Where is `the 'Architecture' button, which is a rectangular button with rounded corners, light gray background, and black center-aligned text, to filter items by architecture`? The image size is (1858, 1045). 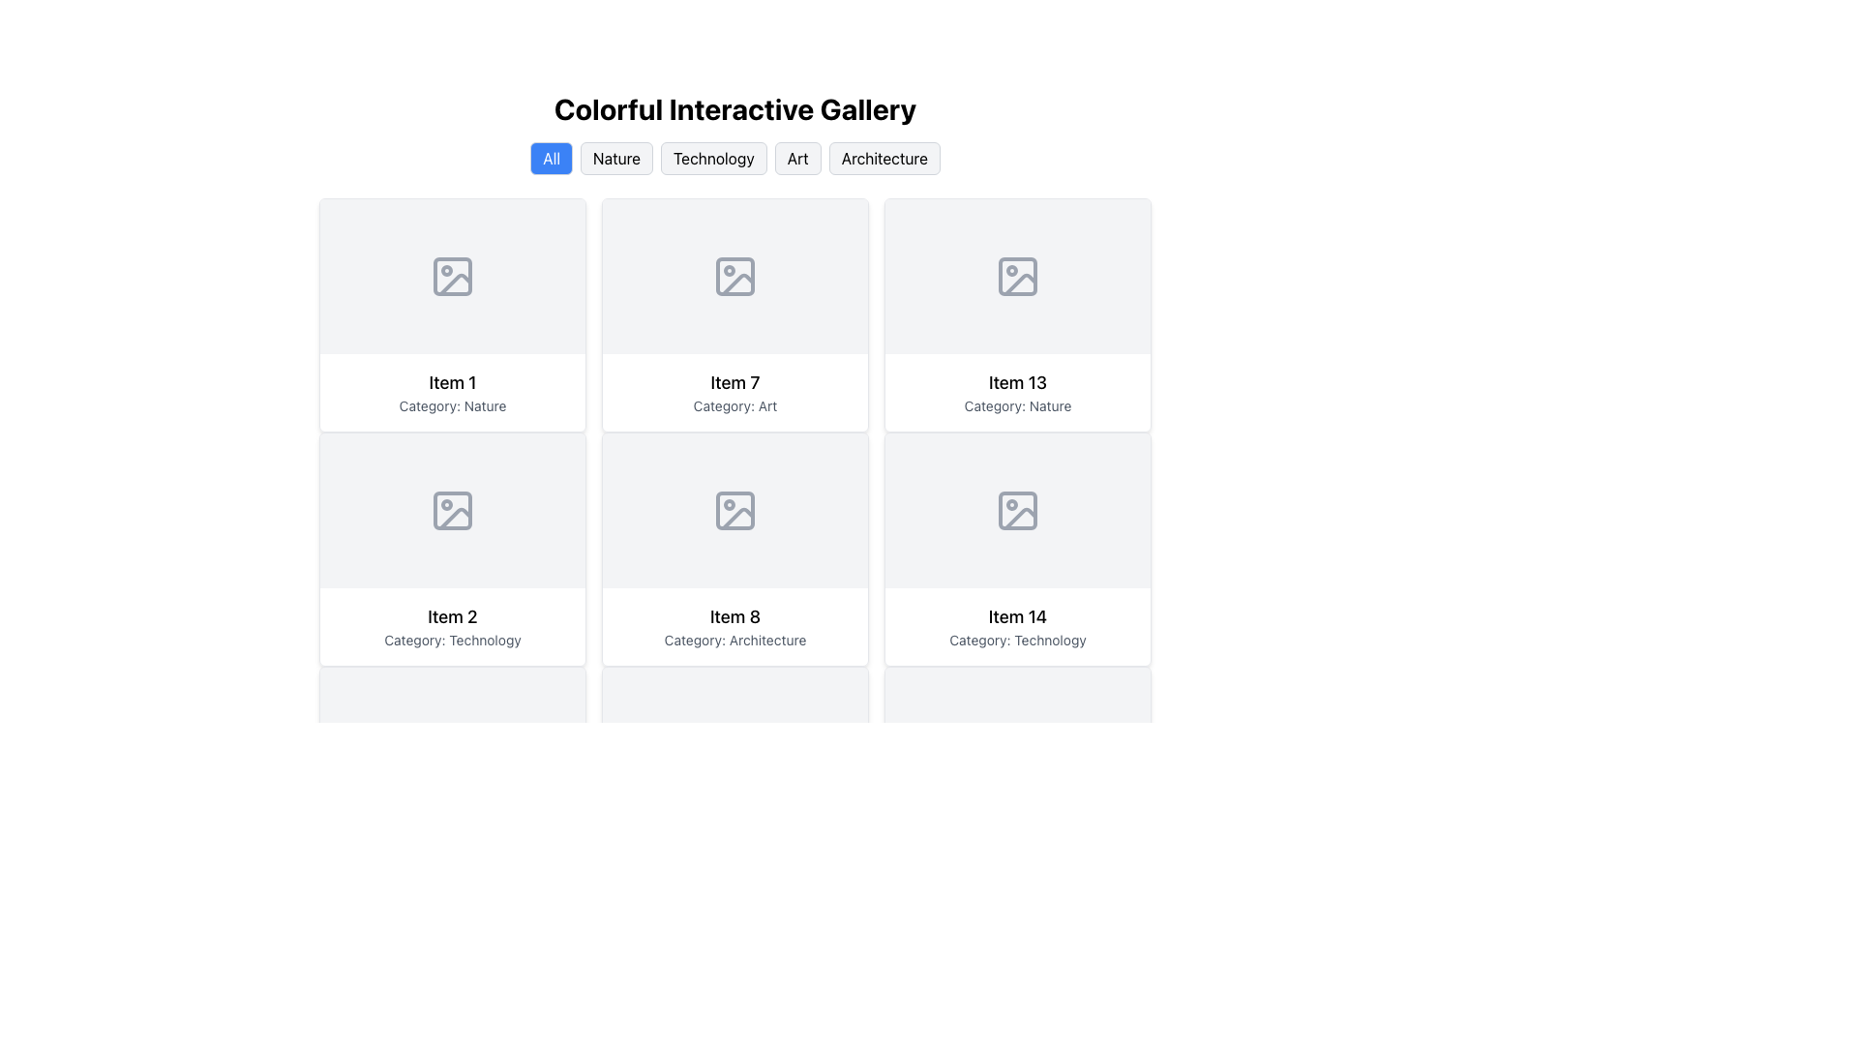
the 'Architecture' button, which is a rectangular button with rounded corners, light gray background, and black center-aligned text, to filter items by architecture is located at coordinates (883, 158).